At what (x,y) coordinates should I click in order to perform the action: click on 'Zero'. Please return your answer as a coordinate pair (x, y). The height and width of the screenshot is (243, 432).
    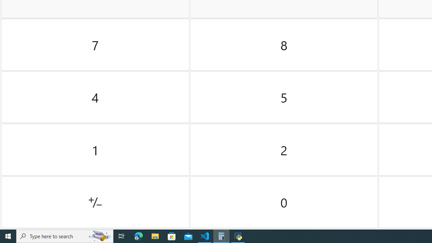
    Looking at the image, I should click on (284, 202).